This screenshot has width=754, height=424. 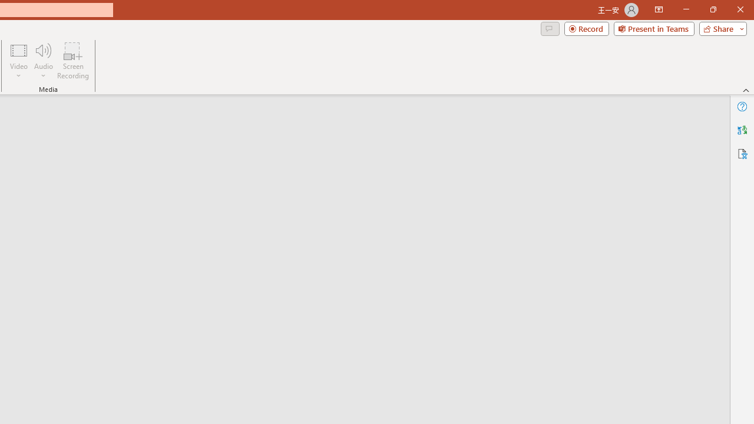 What do you see at coordinates (72, 61) in the screenshot?
I see `'Screen Recording...'` at bounding box center [72, 61].